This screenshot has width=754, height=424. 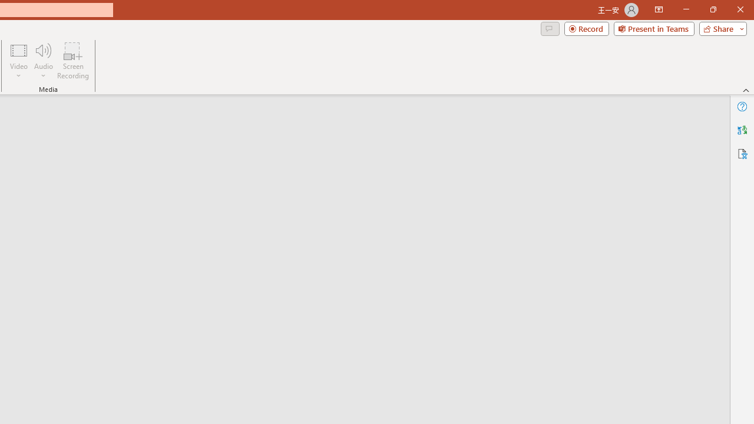 What do you see at coordinates (72, 61) in the screenshot?
I see `'Screen Recording...'` at bounding box center [72, 61].